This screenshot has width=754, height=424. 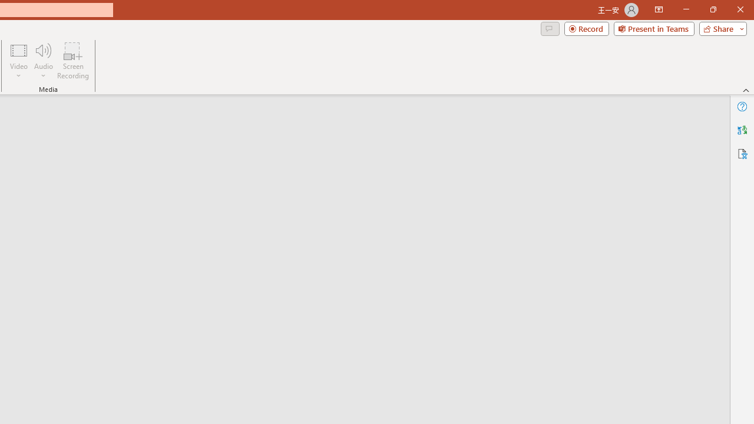 What do you see at coordinates (72, 61) in the screenshot?
I see `'Screen Recording...'` at bounding box center [72, 61].